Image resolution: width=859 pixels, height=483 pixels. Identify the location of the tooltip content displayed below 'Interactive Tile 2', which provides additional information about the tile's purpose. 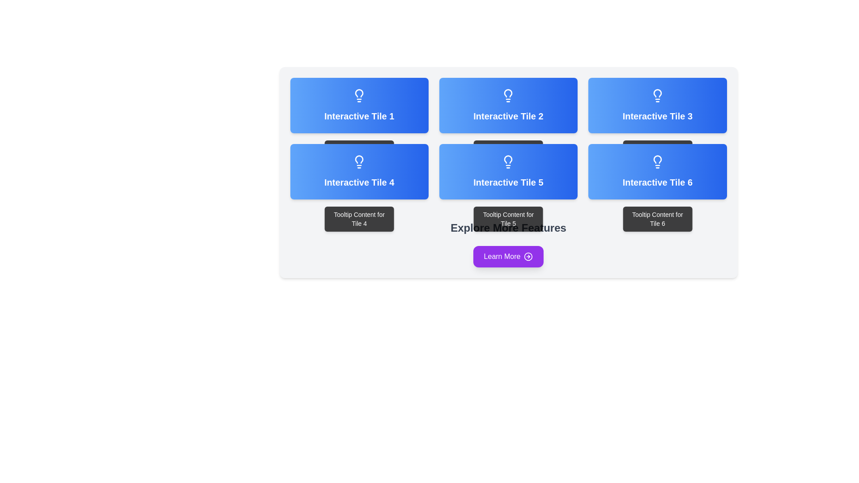
(508, 153).